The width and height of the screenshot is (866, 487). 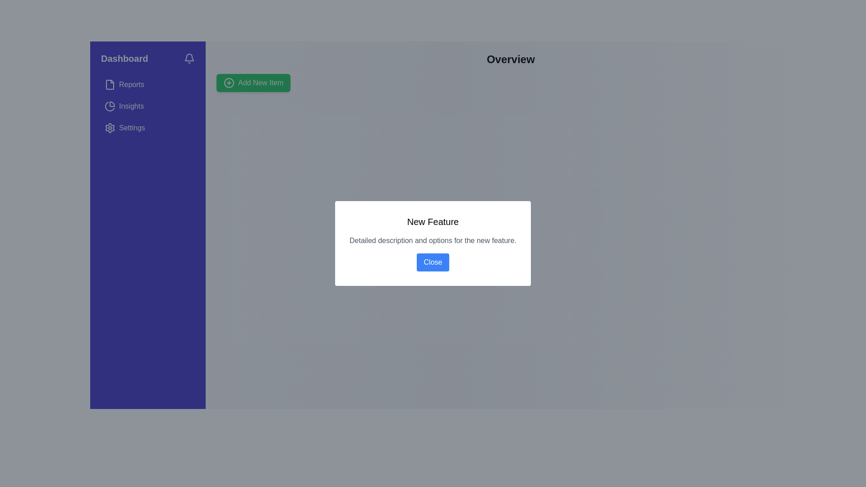 I want to click on the notification icon located near the top right corner of the sidebar section labeled 'Dashboard', so click(x=189, y=59).